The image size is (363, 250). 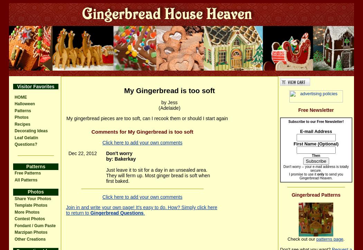 What do you see at coordinates (14, 131) in the screenshot?
I see `'Decorating Ideas'` at bounding box center [14, 131].